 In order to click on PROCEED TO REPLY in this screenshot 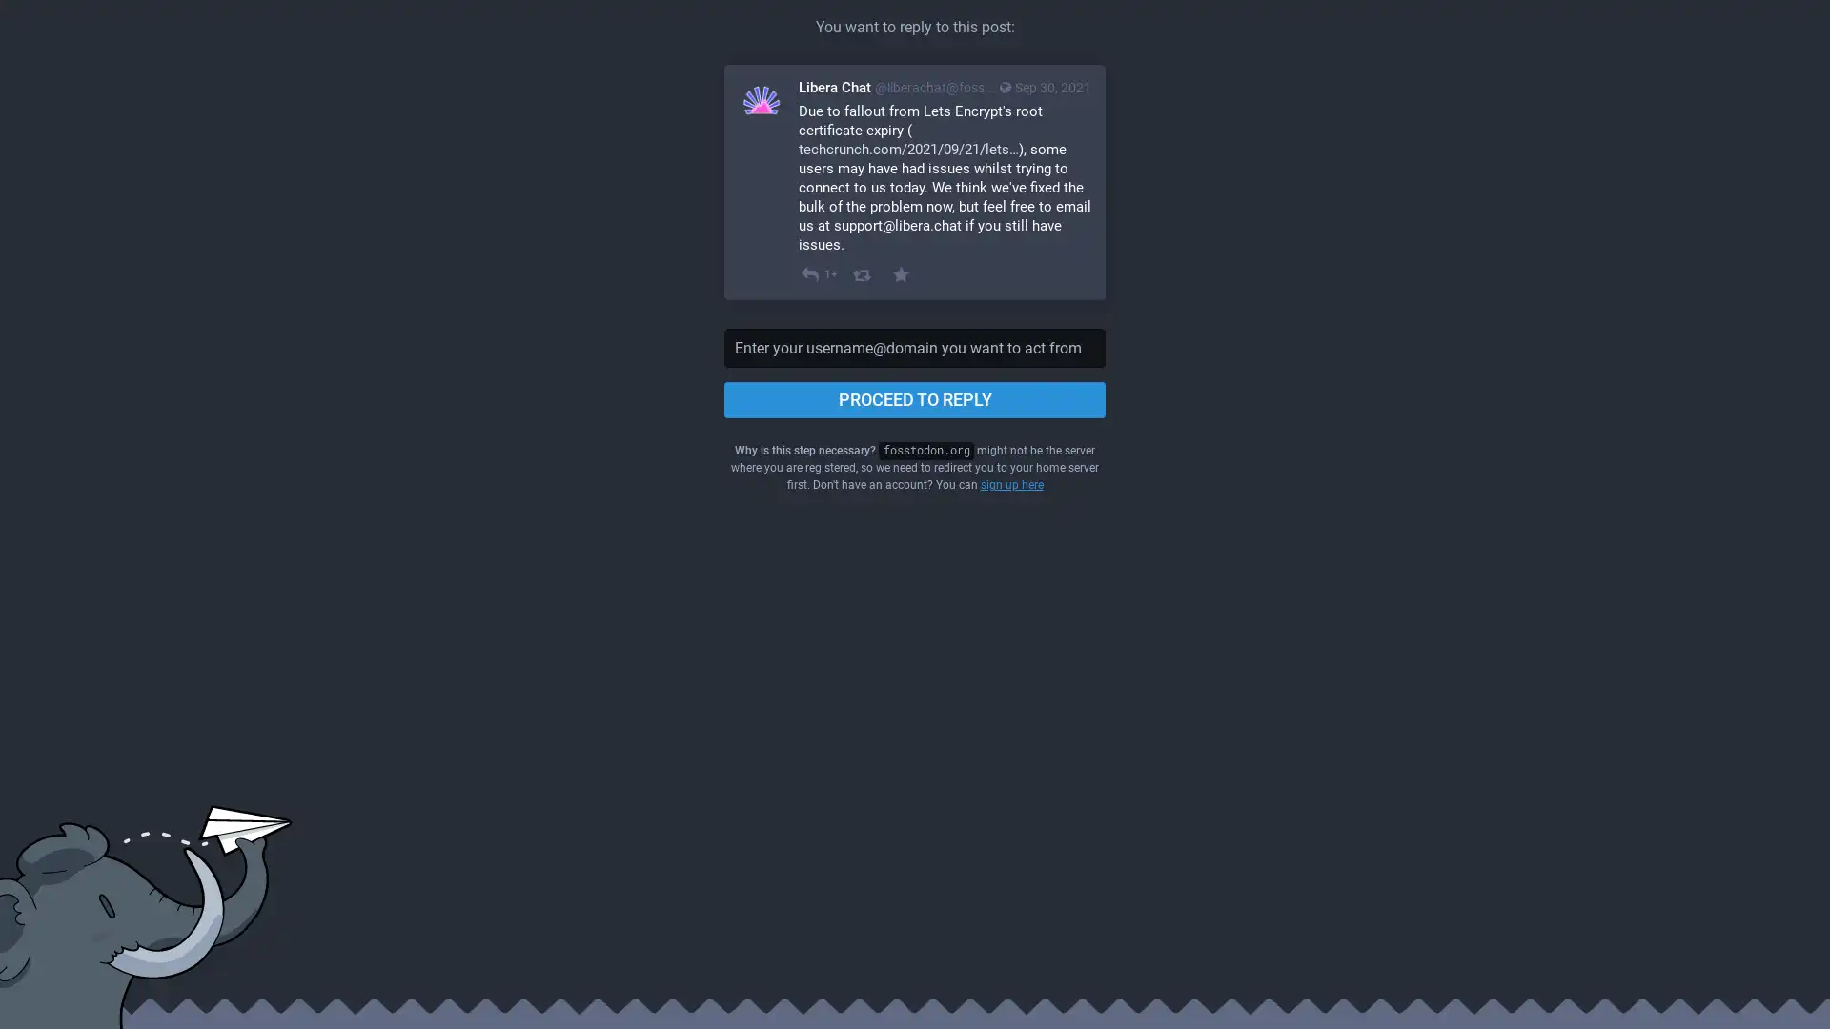, I will do `click(915, 399)`.